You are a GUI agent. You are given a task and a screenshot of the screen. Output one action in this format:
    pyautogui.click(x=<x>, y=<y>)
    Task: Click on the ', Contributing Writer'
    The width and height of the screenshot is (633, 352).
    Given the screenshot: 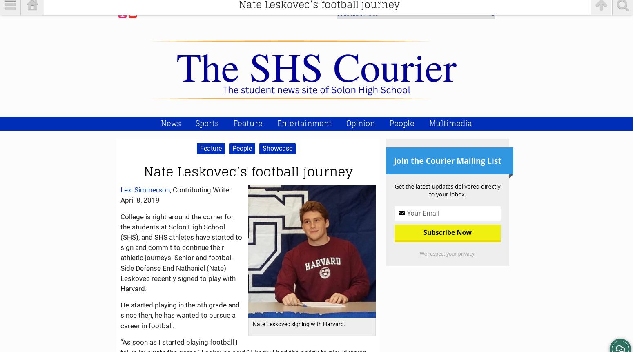 What is the action you would take?
    pyautogui.click(x=200, y=189)
    